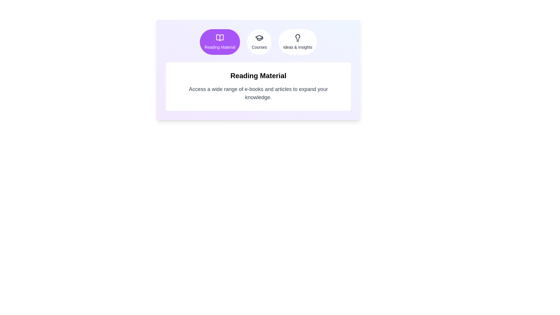  I want to click on the tab labeled Courses, so click(259, 41).